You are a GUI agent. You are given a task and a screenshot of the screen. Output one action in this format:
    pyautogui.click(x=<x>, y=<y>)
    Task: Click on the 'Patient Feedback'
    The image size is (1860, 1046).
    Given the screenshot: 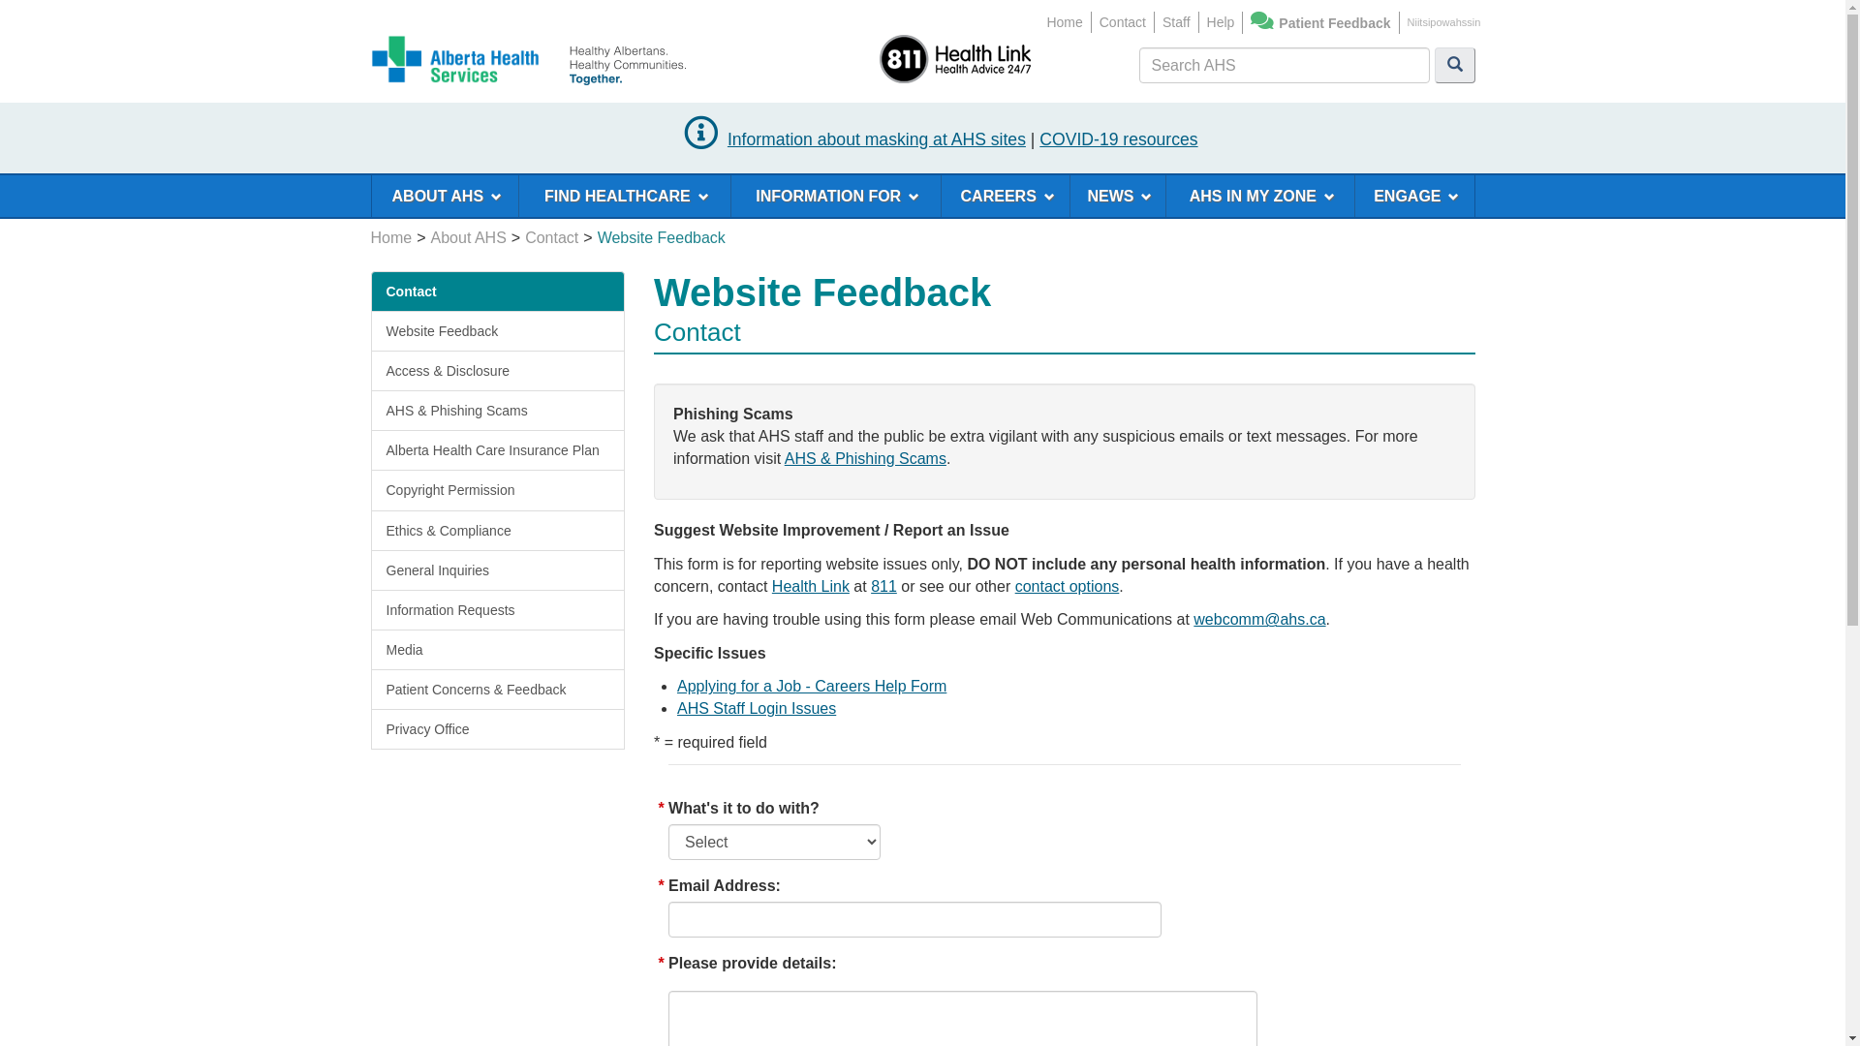 What is the action you would take?
    pyautogui.click(x=1333, y=22)
    